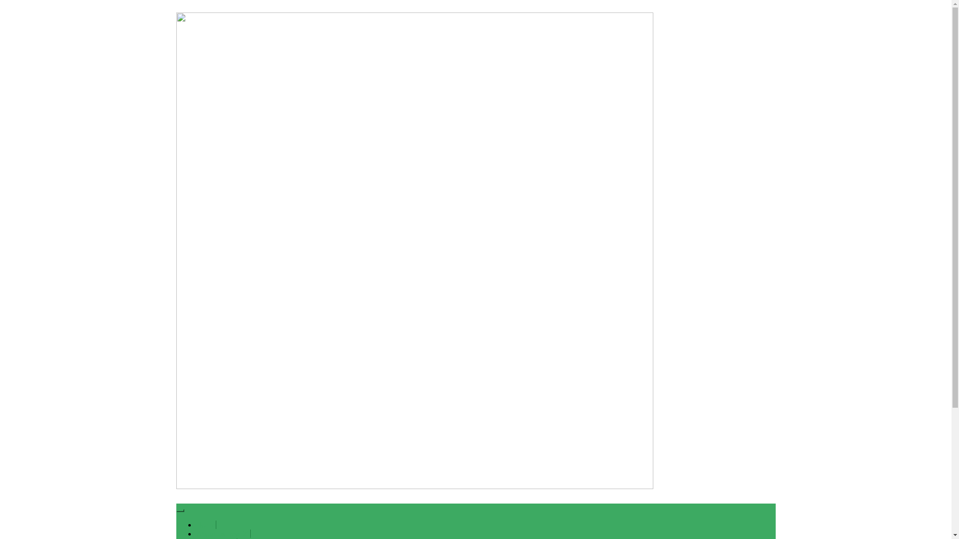 This screenshot has width=959, height=539. Describe the element at coordinates (205, 524) in the screenshot. I see `'Home'` at that location.